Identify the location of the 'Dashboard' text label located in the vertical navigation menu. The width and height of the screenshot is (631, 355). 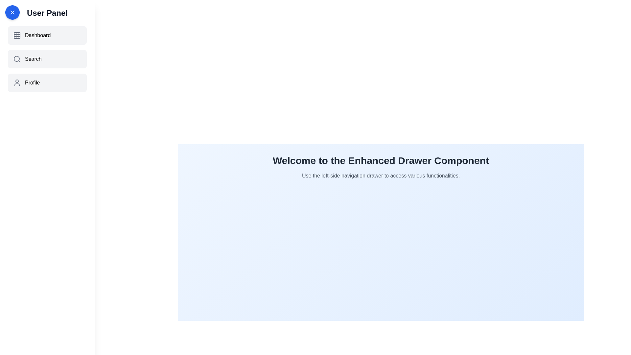
(37, 35).